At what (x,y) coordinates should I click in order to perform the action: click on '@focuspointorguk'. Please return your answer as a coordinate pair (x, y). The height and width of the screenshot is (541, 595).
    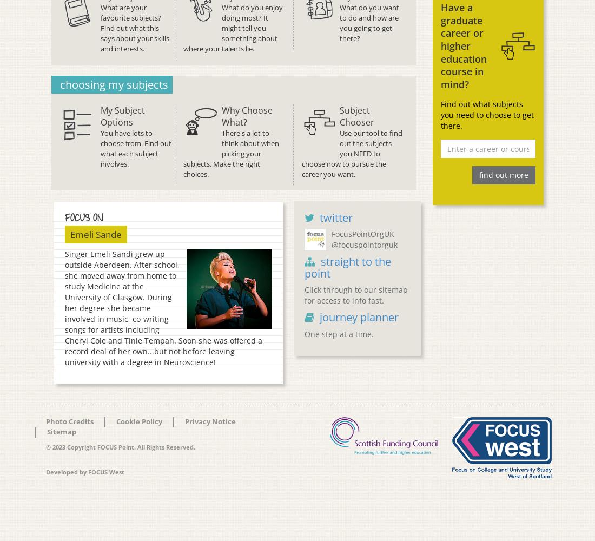
    Looking at the image, I should click on (364, 244).